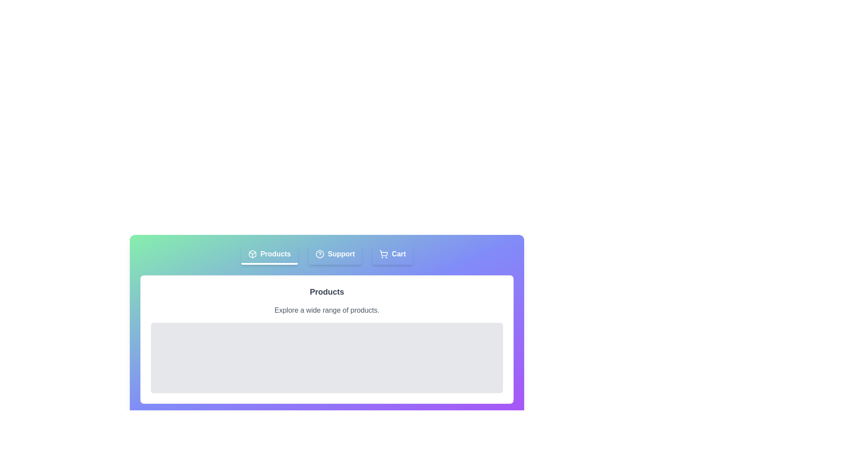  Describe the element at coordinates (392, 255) in the screenshot. I see `the button labeled Cart to observe its hover effect` at that location.